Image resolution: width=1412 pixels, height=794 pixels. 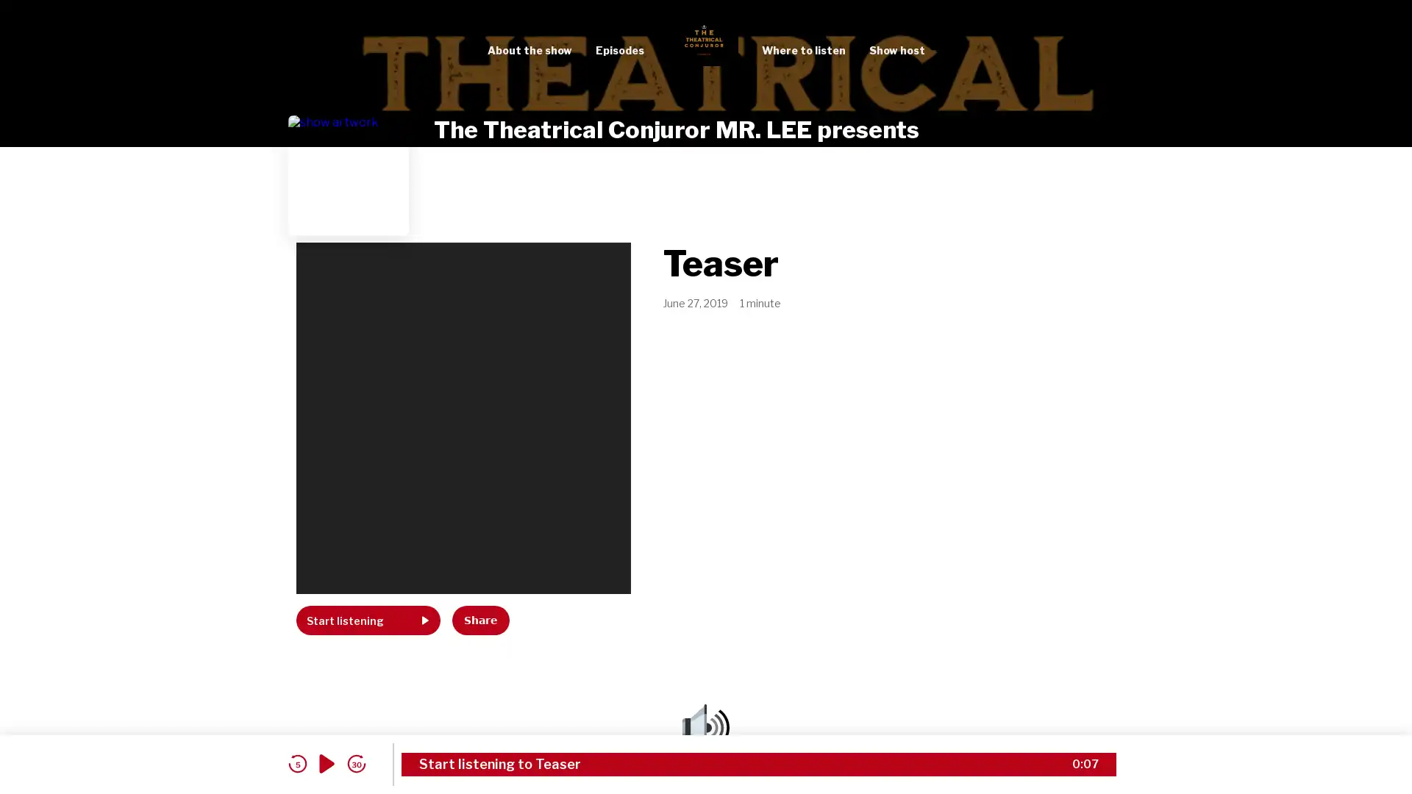 What do you see at coordinates (296, 763) in the screenshot?
I see `skip back 5 seconds` at bounding box center [296, 763].